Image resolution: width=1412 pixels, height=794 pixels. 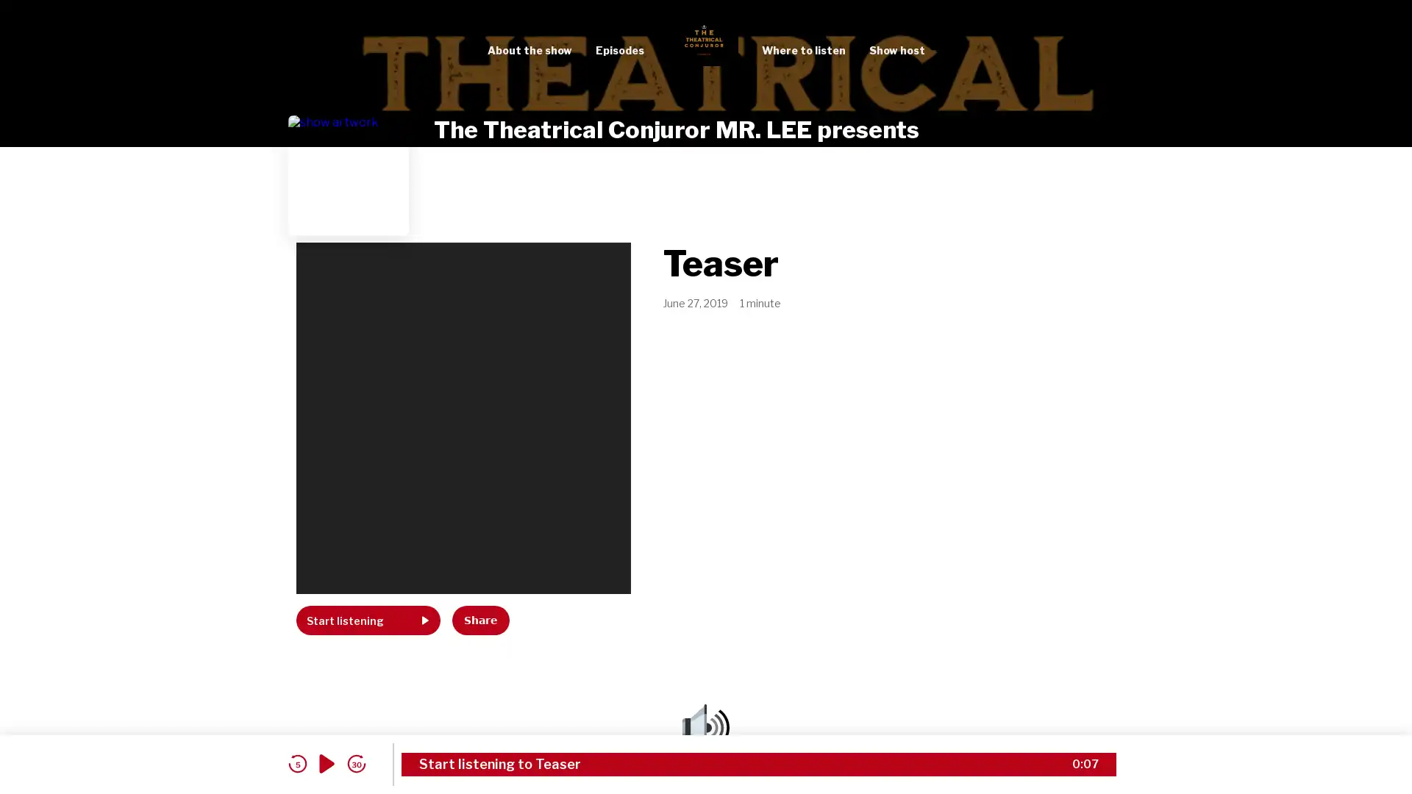 What do you see at coordinates (296, 763) in the screenshot?
I see `skip back 5 seconds` at bounding box center [296, 763].